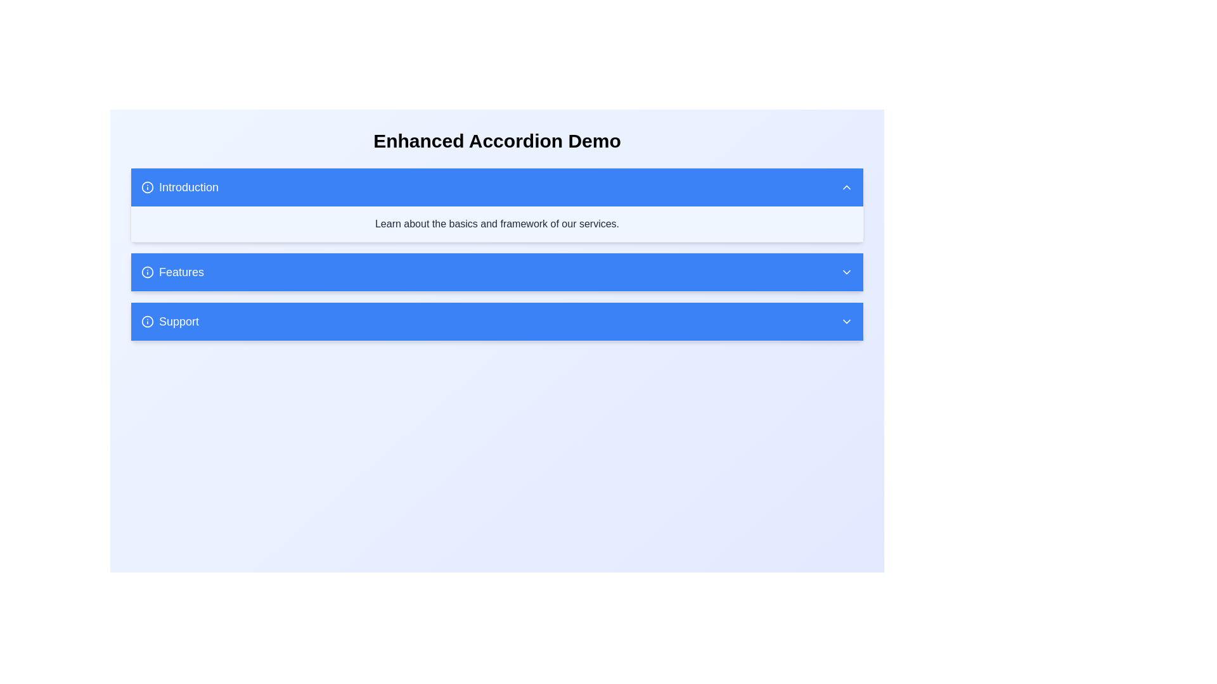 The image size is (1217, 684). Describe the element at coordinates (846, 321) in the screenshot. I see `the Dropdown indicator icon, which is a downward-pointing arrow located on the right edge of the 'Support' button` at that location.